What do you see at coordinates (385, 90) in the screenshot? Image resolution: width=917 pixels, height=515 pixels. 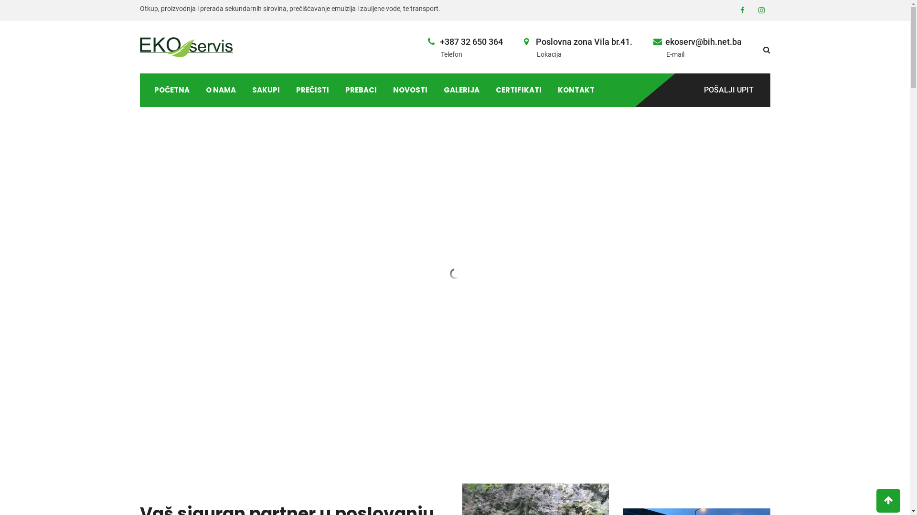 I see `'NOVOSTI'` at bounding box center [385, 90].